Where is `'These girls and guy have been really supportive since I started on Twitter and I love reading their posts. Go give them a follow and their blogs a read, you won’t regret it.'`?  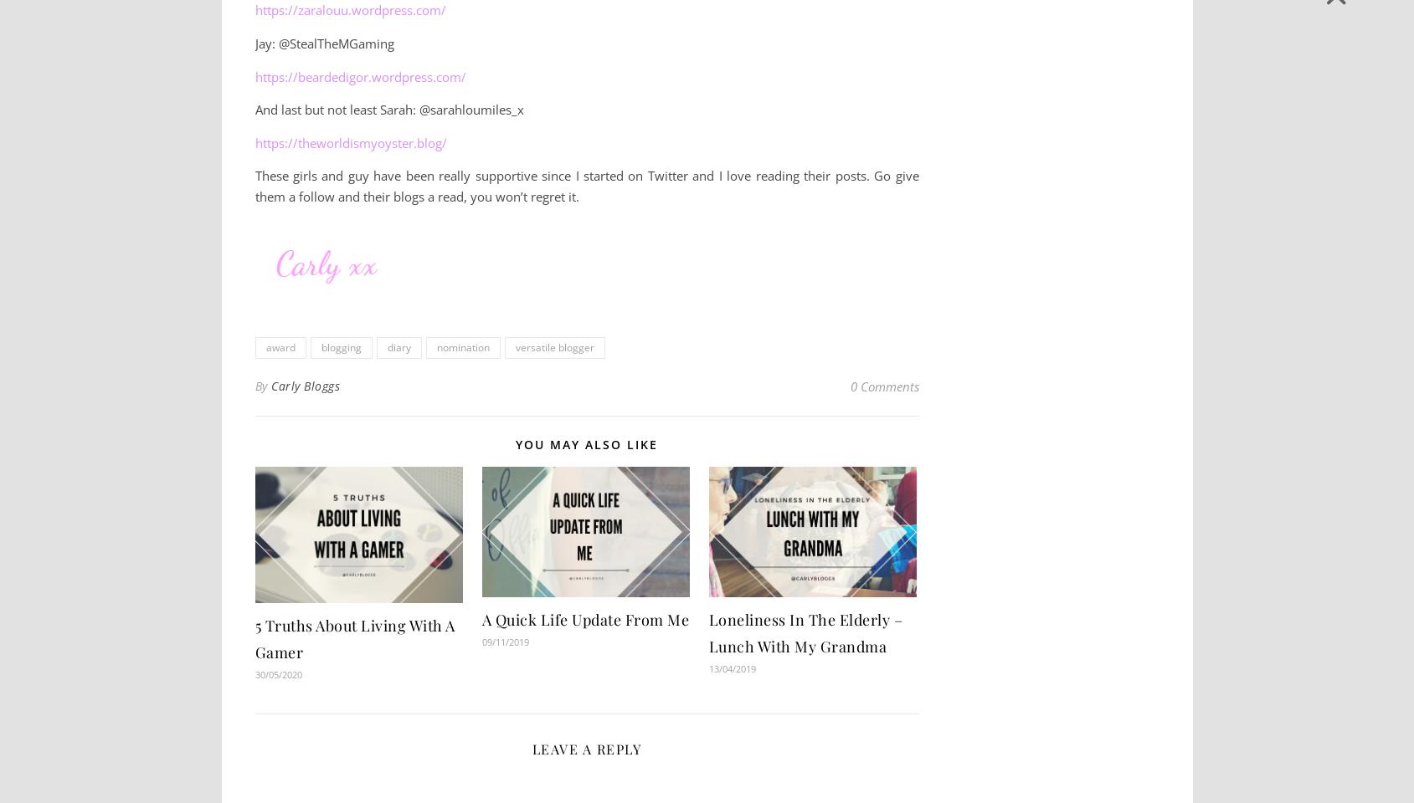
'These girls and guy have been really supportive since I started on Twitter and I love reading their posts. Go give them a follow and their blogs a read, you won’t regret it.' is located at coordinates (586, 186).